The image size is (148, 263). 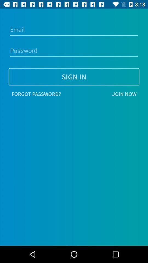 I want to click on the sign in icon, so click(x=74, y=76).